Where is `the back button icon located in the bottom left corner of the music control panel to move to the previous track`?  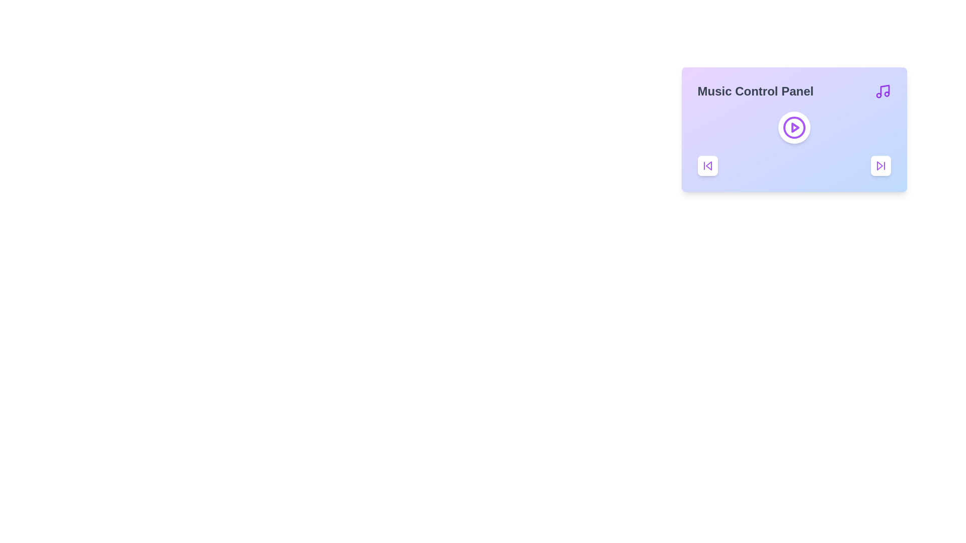 the back button icon located in the bottom left corner of the music control panel to move to the previous track is located at coordinates (708, 165).